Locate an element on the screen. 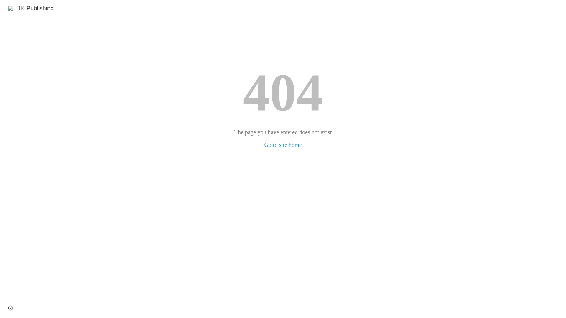  'Go to site home' is located at coordinates (282, 145).